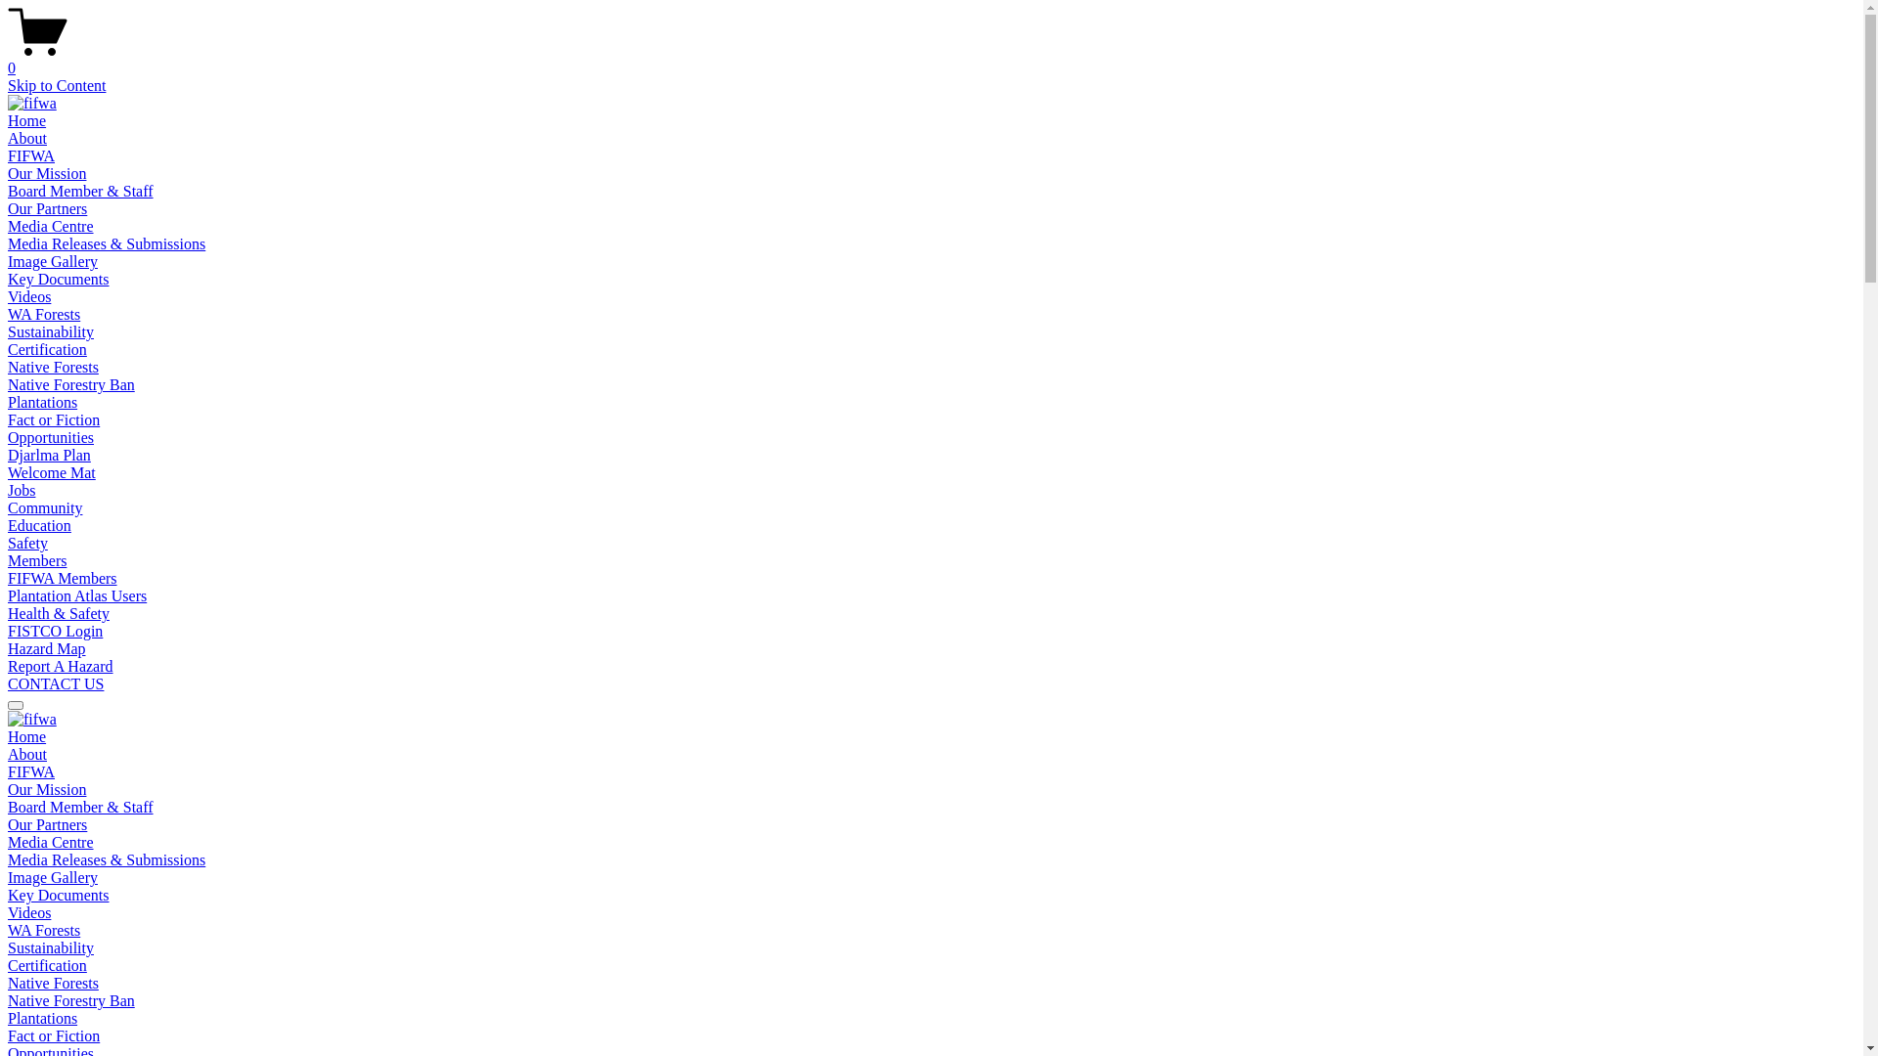 This screenshot has width=1878, height=1056. Describe the element at coordinates (37, 560) in the screenshot. I see `'Members'` at that location.